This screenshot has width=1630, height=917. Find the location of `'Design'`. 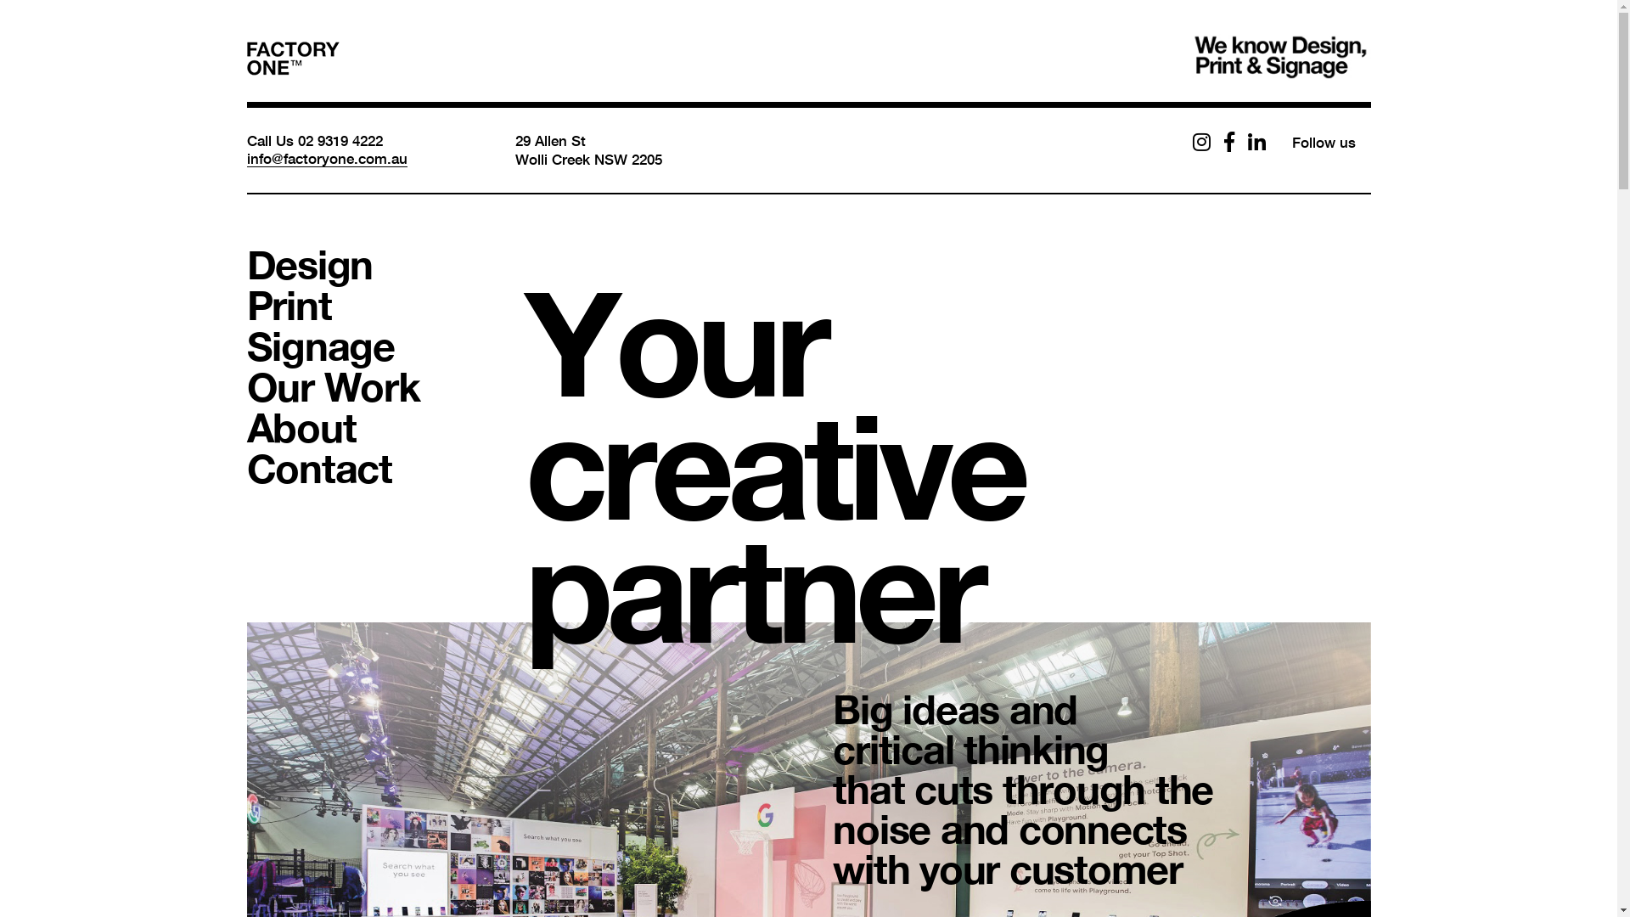

'Design' is located at coordinates (244, 264).